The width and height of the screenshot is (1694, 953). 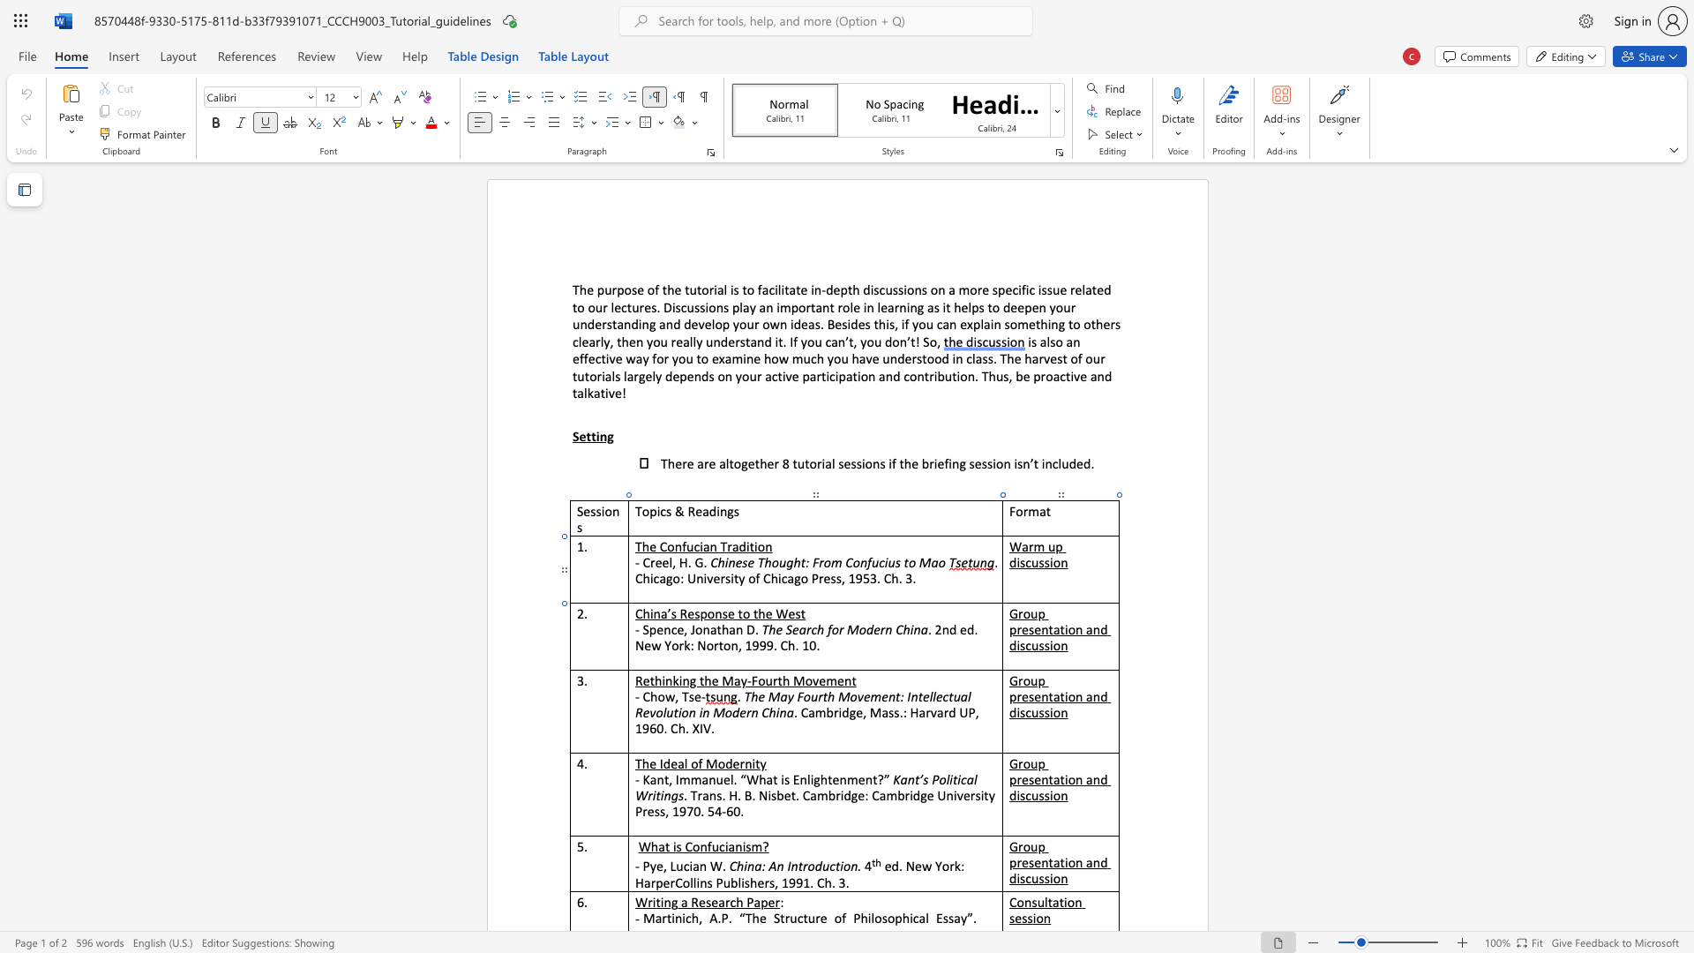 What do you see at coordinates (706, 628) in the screenshot?
I see `the 2th character "n" in the text` at bounding box center [706, 628].